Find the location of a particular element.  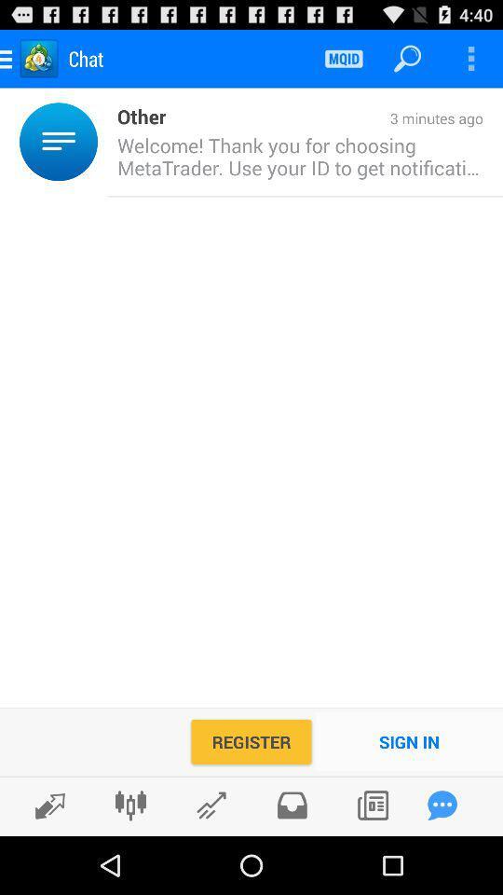

show the chart is located at coordinates (211, 805).